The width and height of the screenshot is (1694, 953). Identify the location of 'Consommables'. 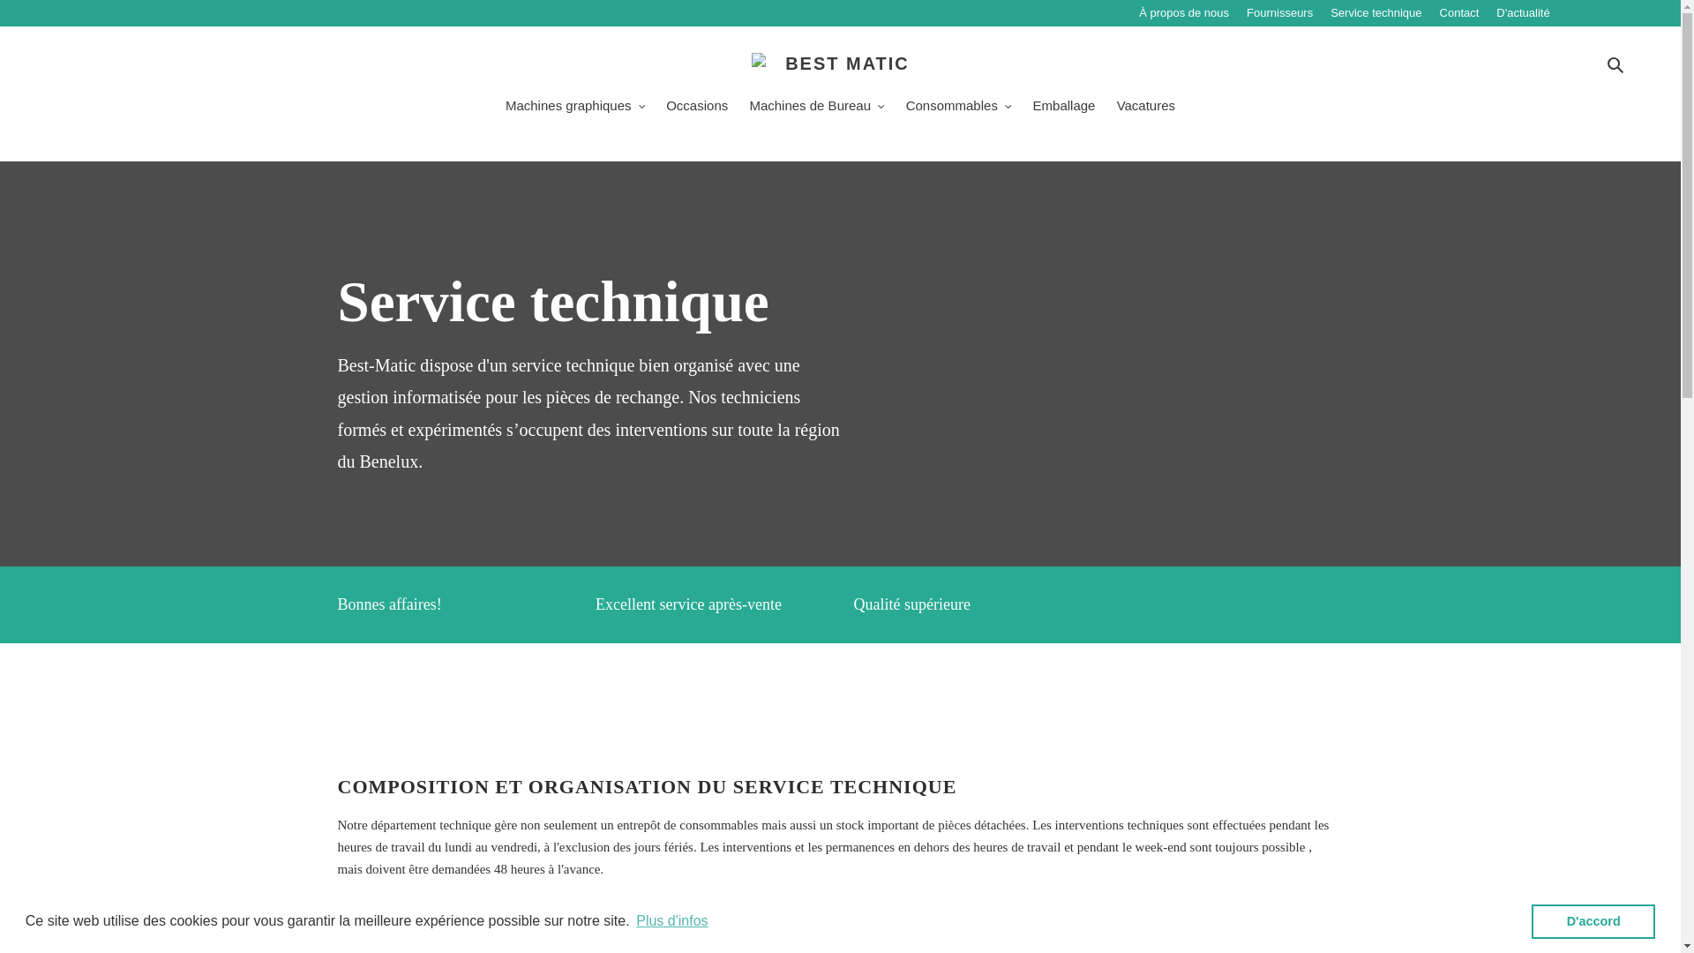
(897, 108).